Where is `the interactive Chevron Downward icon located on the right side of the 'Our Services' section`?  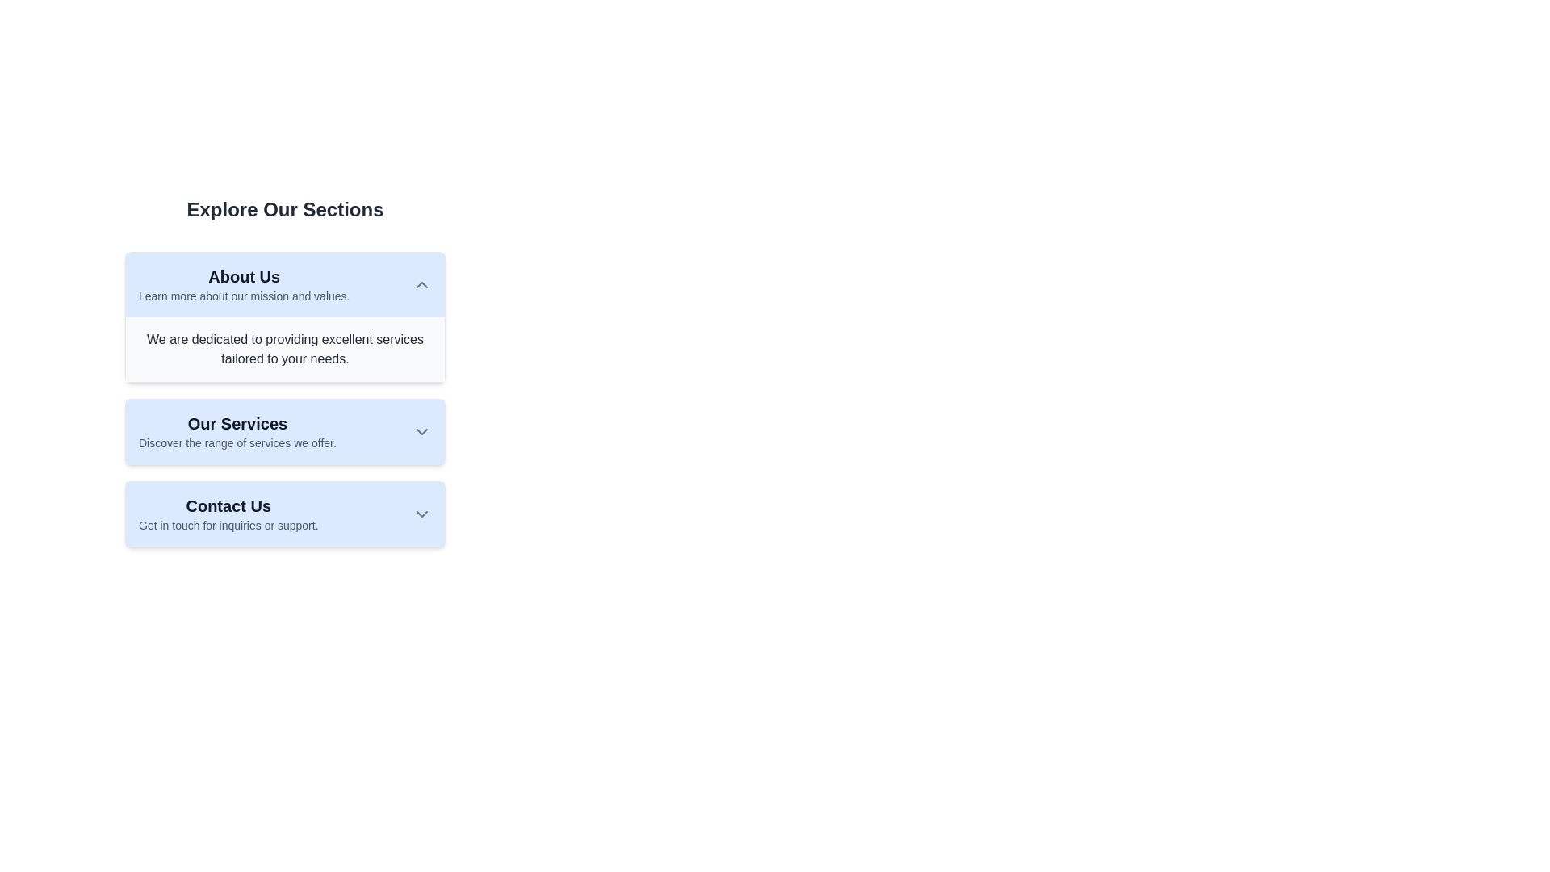
the interactive Chevron Downward icon located on the right side of the 'Our Services' section is located at coordinates (422, 431).